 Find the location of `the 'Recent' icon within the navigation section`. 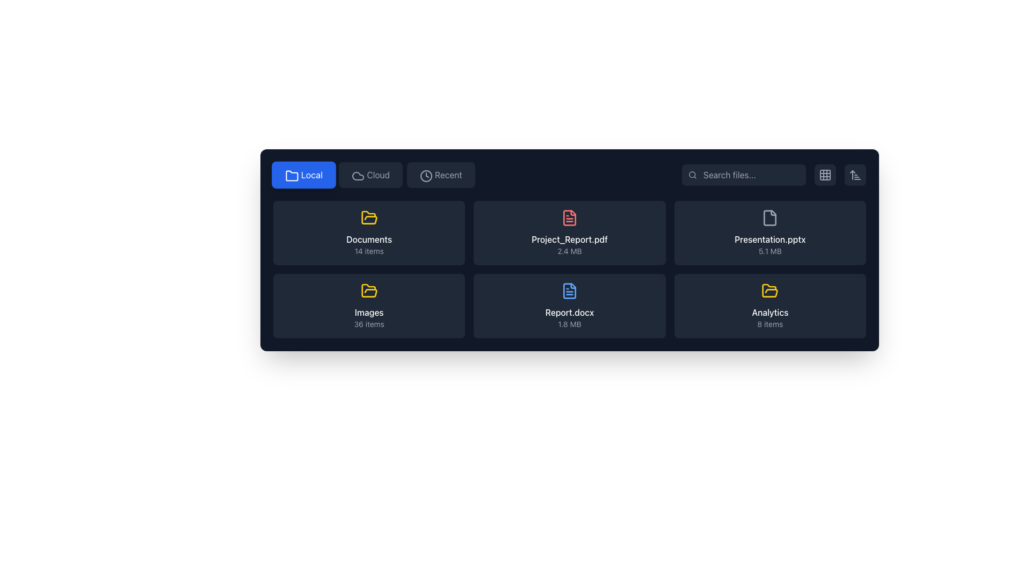

the 'Recent' icon within the navigation section is located at coordinates (425, 175).